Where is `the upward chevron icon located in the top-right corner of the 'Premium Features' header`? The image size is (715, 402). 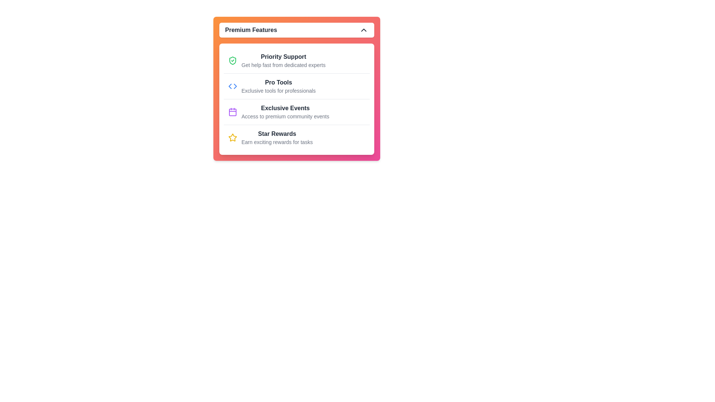 the upward chevron icon located in the top-right corner of the 'Premium Features' header is located at coordinates (363, 30).